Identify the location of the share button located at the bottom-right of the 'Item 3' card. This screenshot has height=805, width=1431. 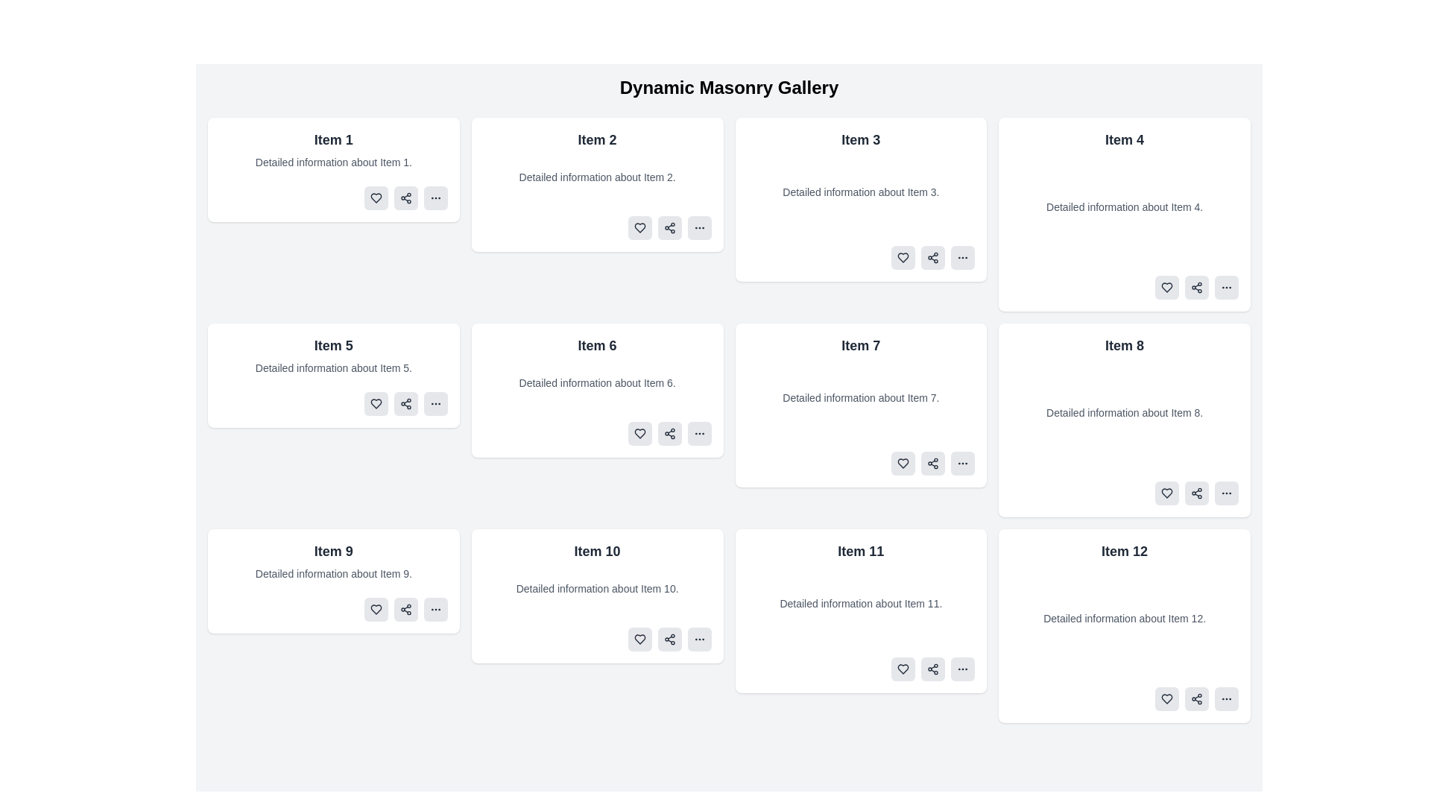
(932, 257).